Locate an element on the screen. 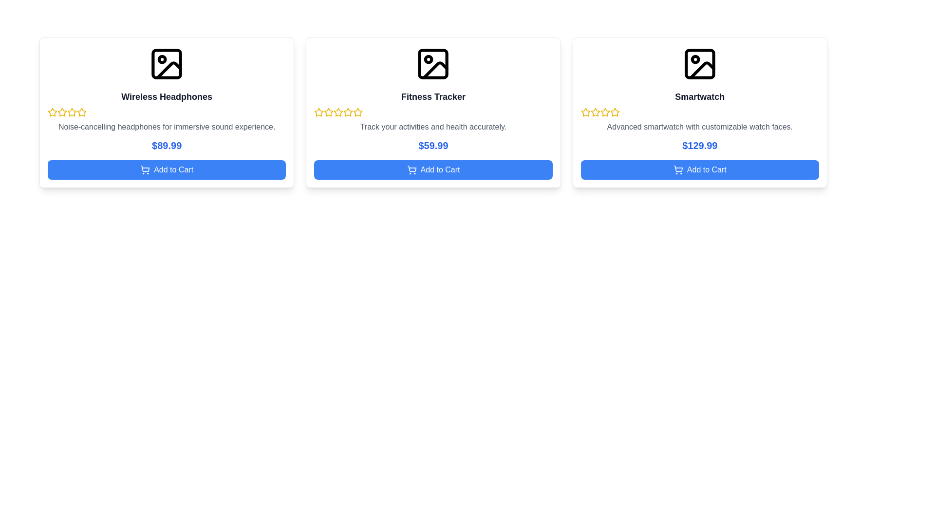  displayed details from the first Product Card in the grid layout, which includes its name, description, and price is located at coordinates (167, 112).